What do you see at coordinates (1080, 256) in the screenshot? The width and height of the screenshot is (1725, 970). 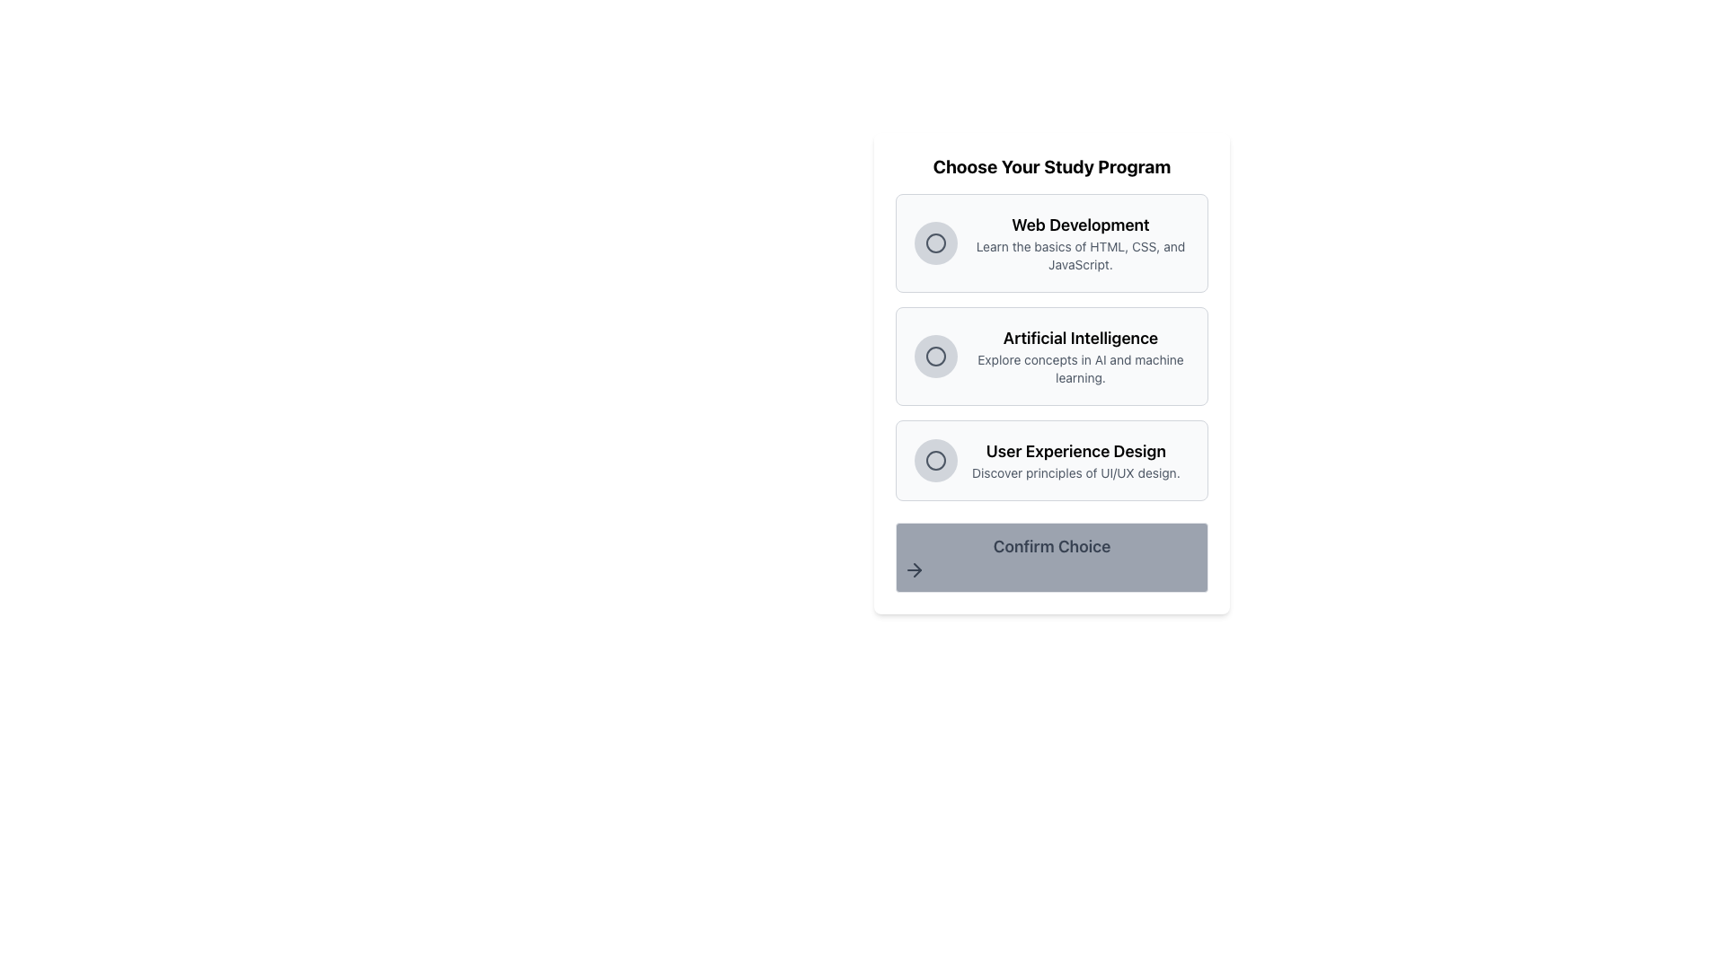 I see `the descriptive subtitle text reading 'Learn the basics of HTML, CSS, and JavaScript.' which is located below the bold header 'Web Development' in the card layout` at bounding box center [1080, 256].